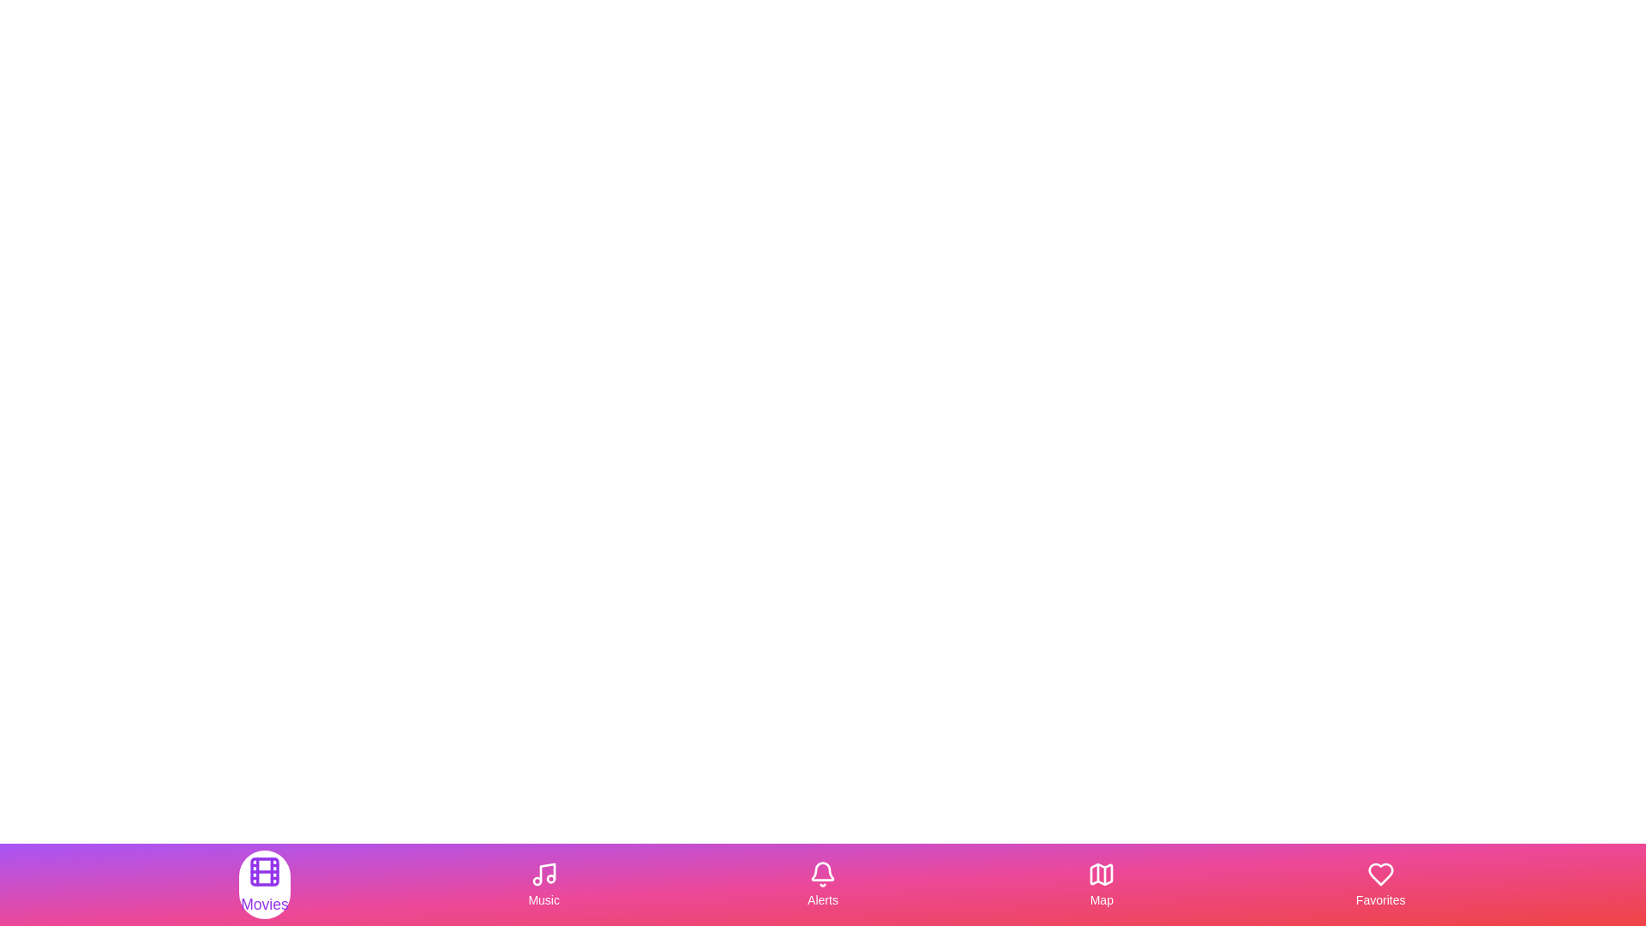  What do you see at coordinates (1102, 885) in the screenshot?
I see `the tab labeled Map` at bounding box center [1102, 885].